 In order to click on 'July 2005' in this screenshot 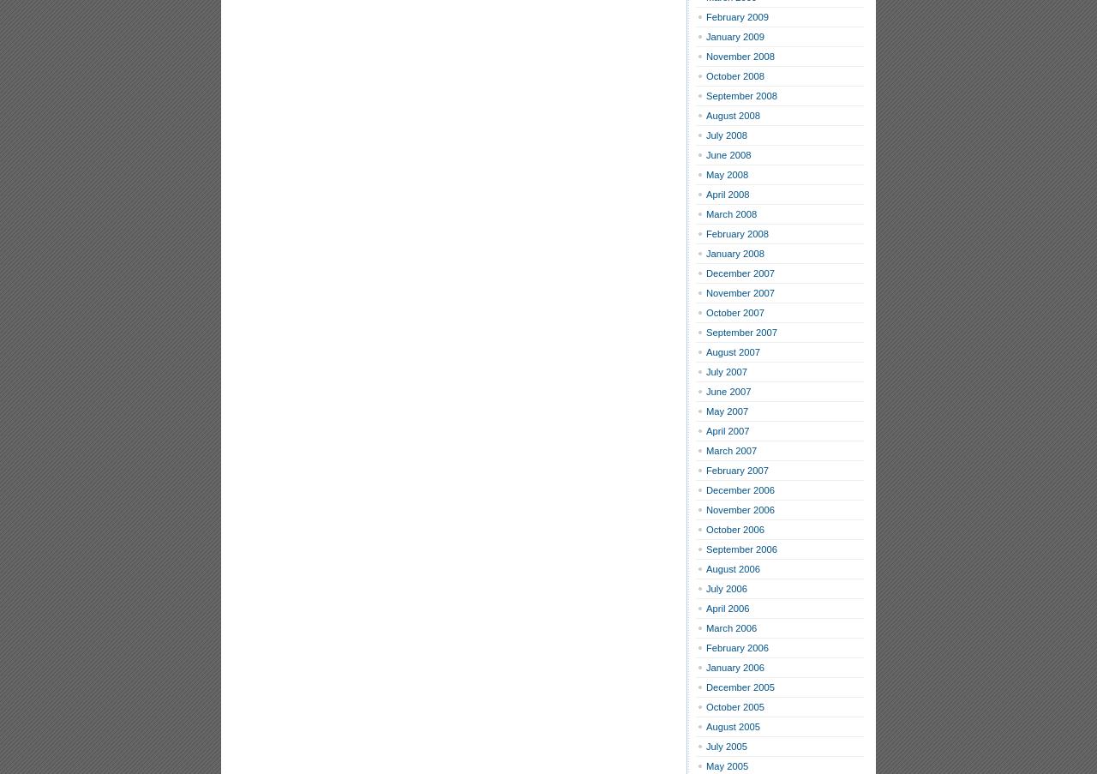, I will do `click(727, 747)`.